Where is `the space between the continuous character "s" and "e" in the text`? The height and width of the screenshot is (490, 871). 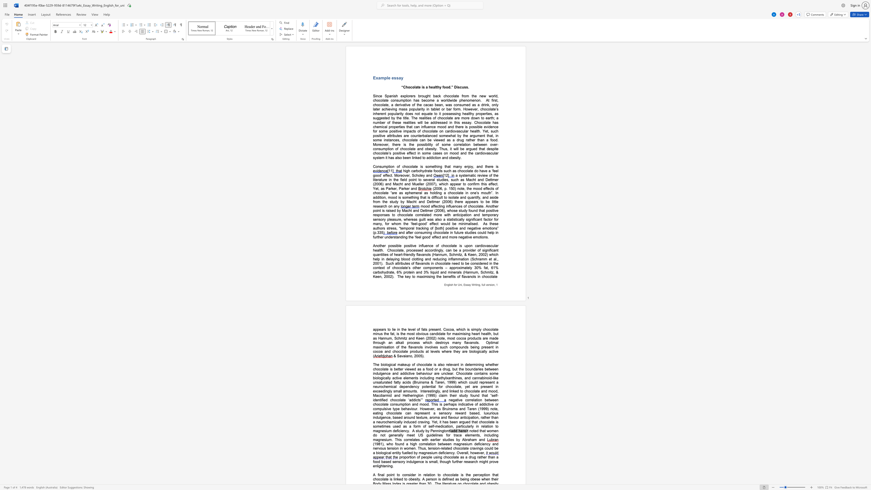 the space between the continuous character "s" and "e" in the text is located at coordinates (425, 180).